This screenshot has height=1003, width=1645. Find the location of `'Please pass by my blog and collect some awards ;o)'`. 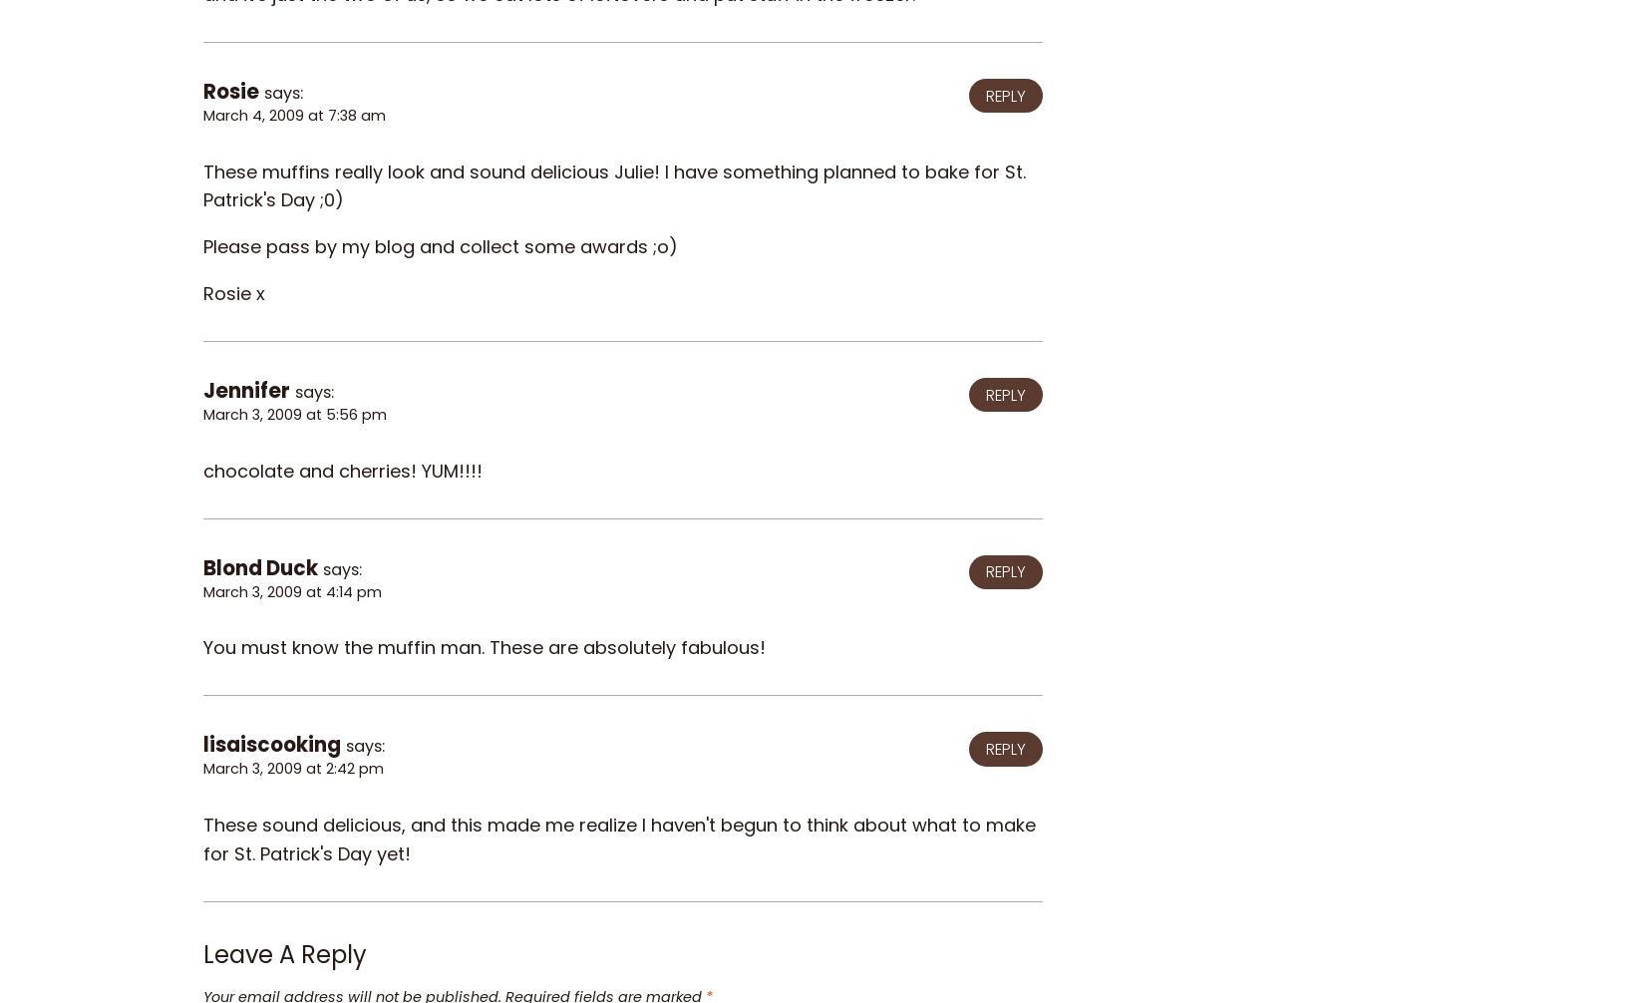

'Please pass by my blog and collect some awards ;o)' is located at coordinates (440, 246).